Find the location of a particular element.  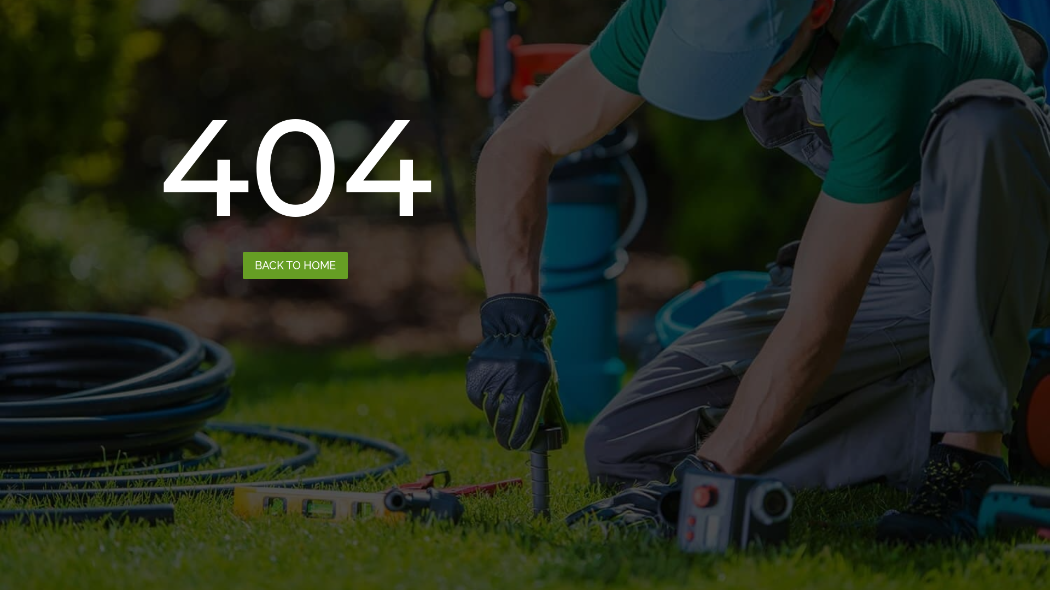

'BACK TO HOME' is located at coordinates (295, 265).